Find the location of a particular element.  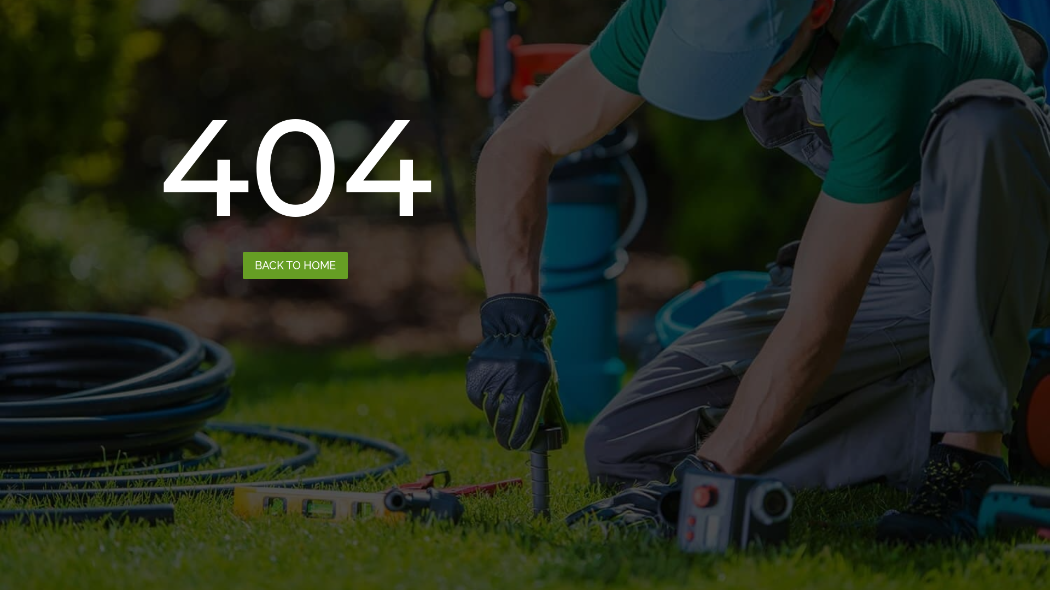

'BACK TO HOME' is located at coordinates (295, 265).